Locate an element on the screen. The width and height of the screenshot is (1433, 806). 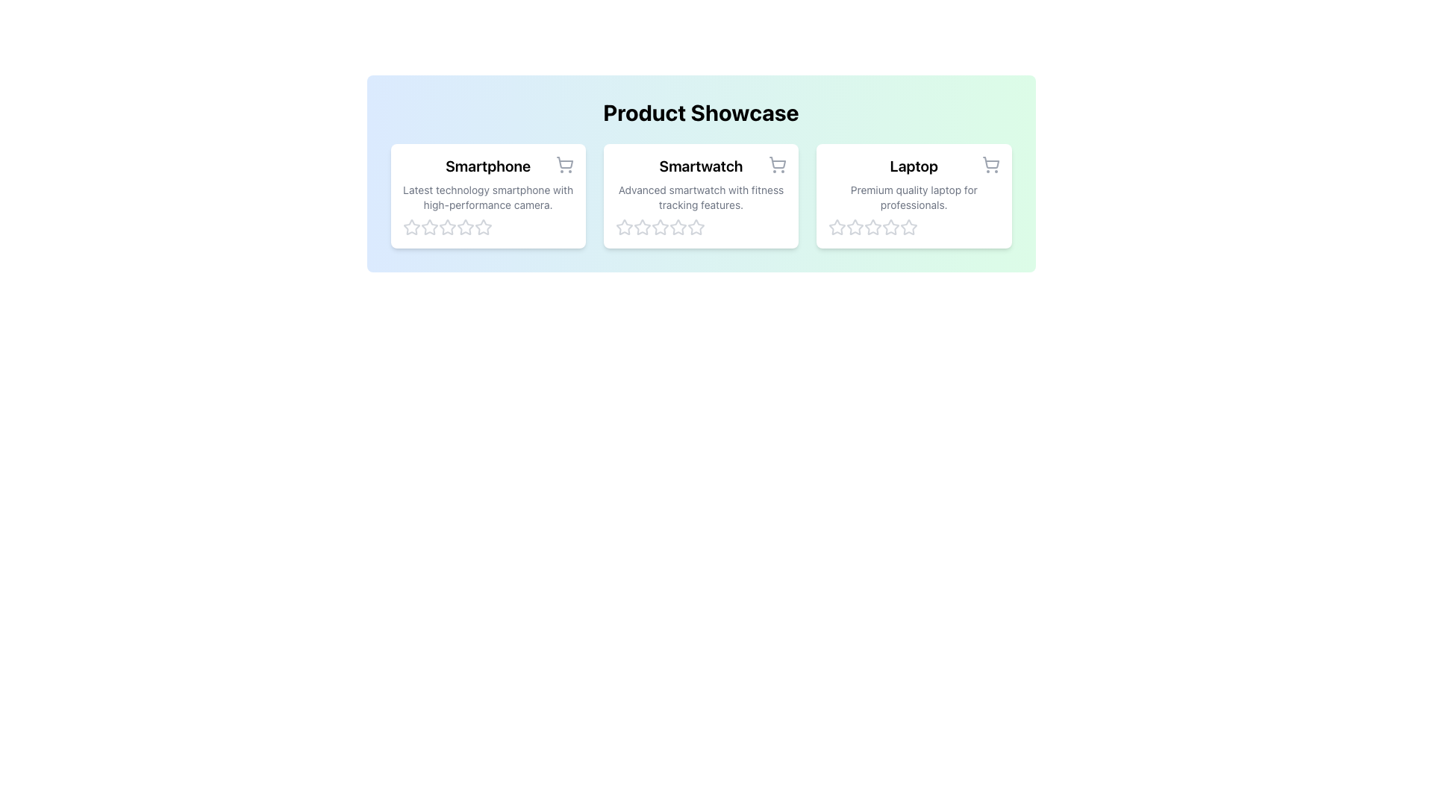
the third star icon in the rating system for the 'Smartwatch' product is located at coordinates (659, 227).